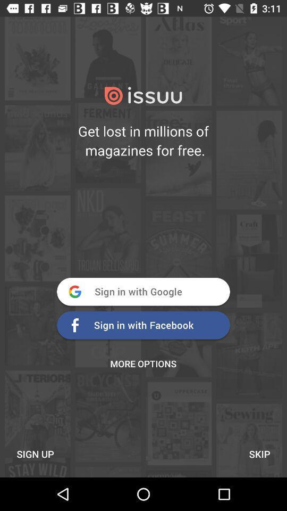  I want to click on item next to skip, so click(35, 454).